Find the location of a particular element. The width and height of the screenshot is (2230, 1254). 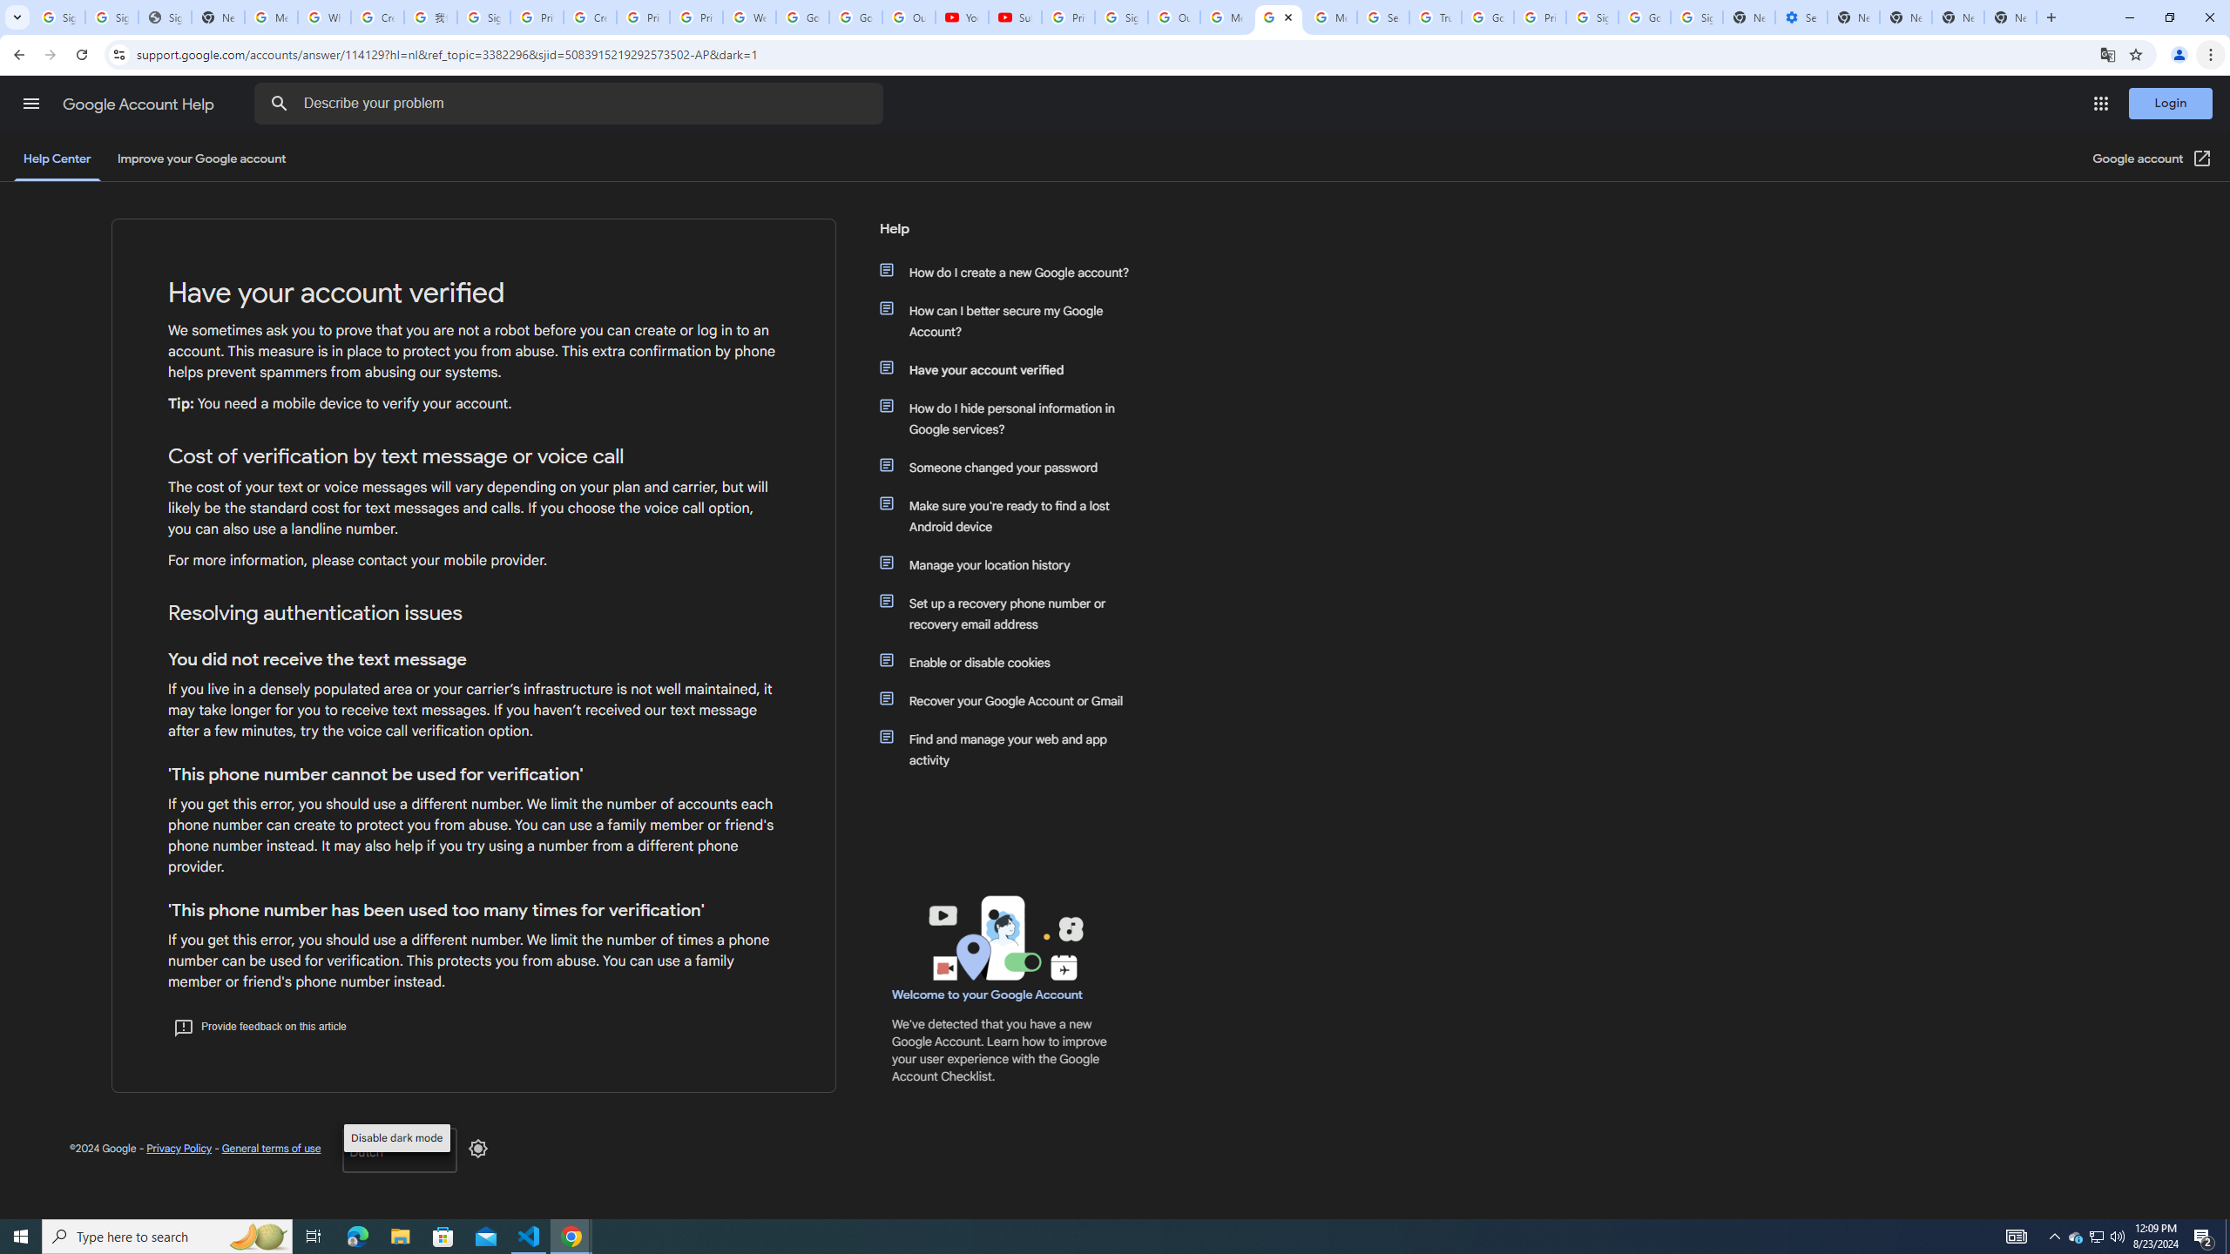

'Improve your Google account' is located at coordinates (201, 158).